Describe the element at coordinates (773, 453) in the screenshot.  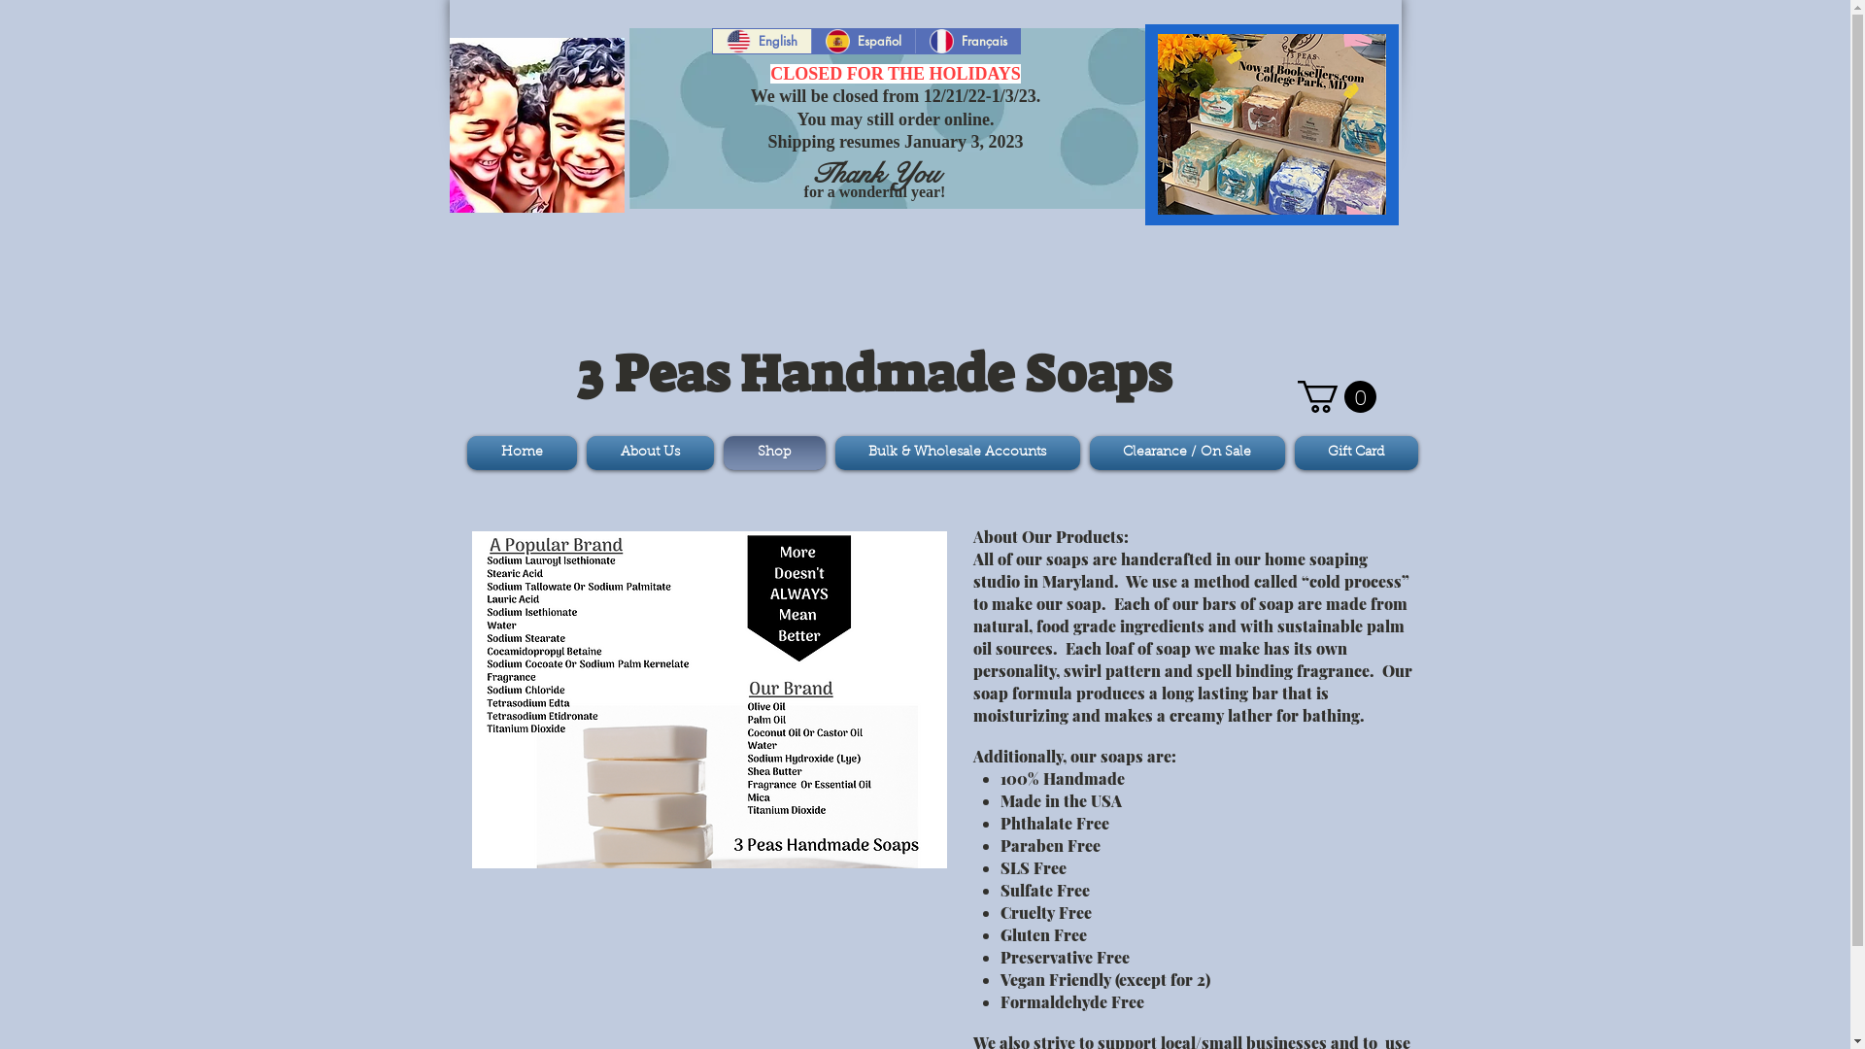
I see `'Shop'` at that location.